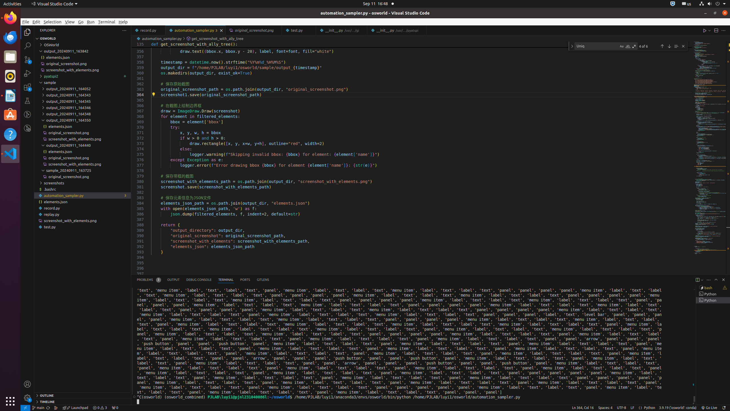 Image resolution: width=730 pixels, height=411 pixels. What do you see at coordinates (723, 30) in the screenshot?
I see `'More Actions...'` at bounding box center [723, 30].